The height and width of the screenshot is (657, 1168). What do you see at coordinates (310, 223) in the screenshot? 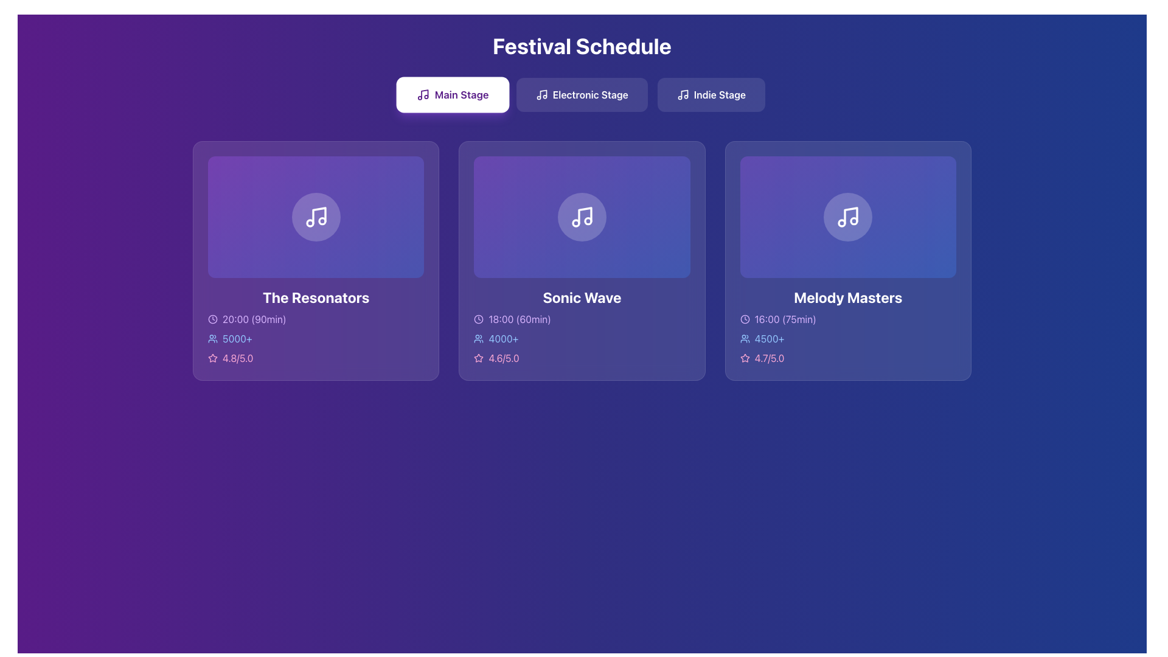
I see `the leftmost circle within the SVG music note icon on the first card labeled 'The Resonators'` at bounding box center [310, 223].